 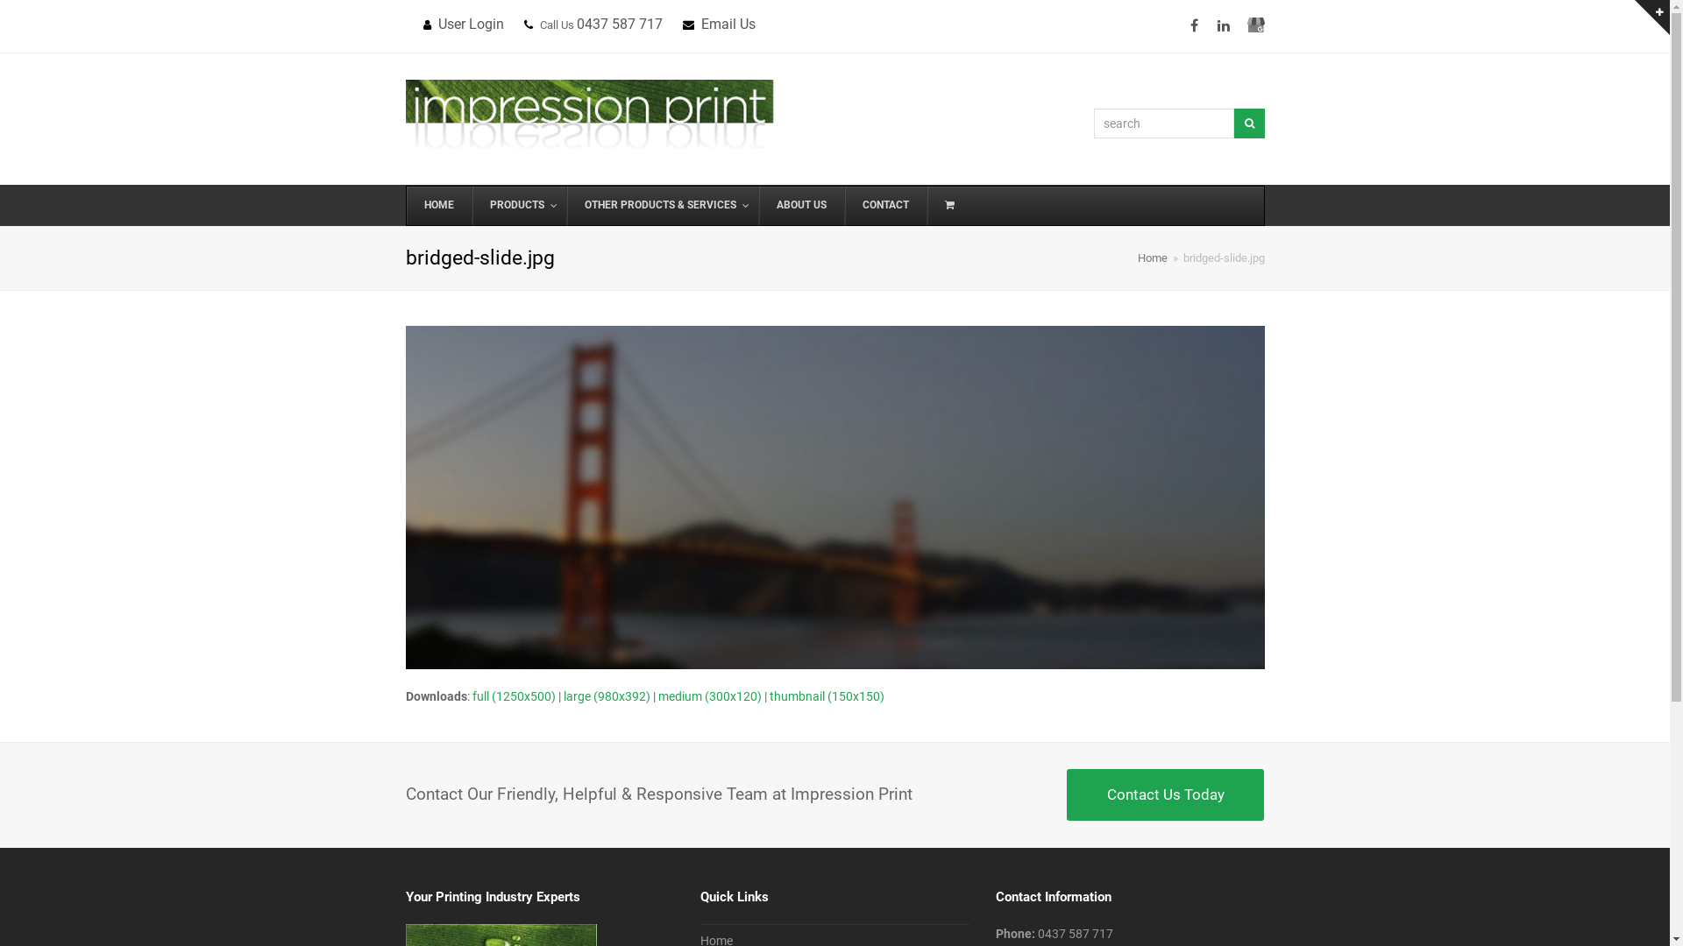 I want to click on 'large (980x392)', so click(x=606, y=695).